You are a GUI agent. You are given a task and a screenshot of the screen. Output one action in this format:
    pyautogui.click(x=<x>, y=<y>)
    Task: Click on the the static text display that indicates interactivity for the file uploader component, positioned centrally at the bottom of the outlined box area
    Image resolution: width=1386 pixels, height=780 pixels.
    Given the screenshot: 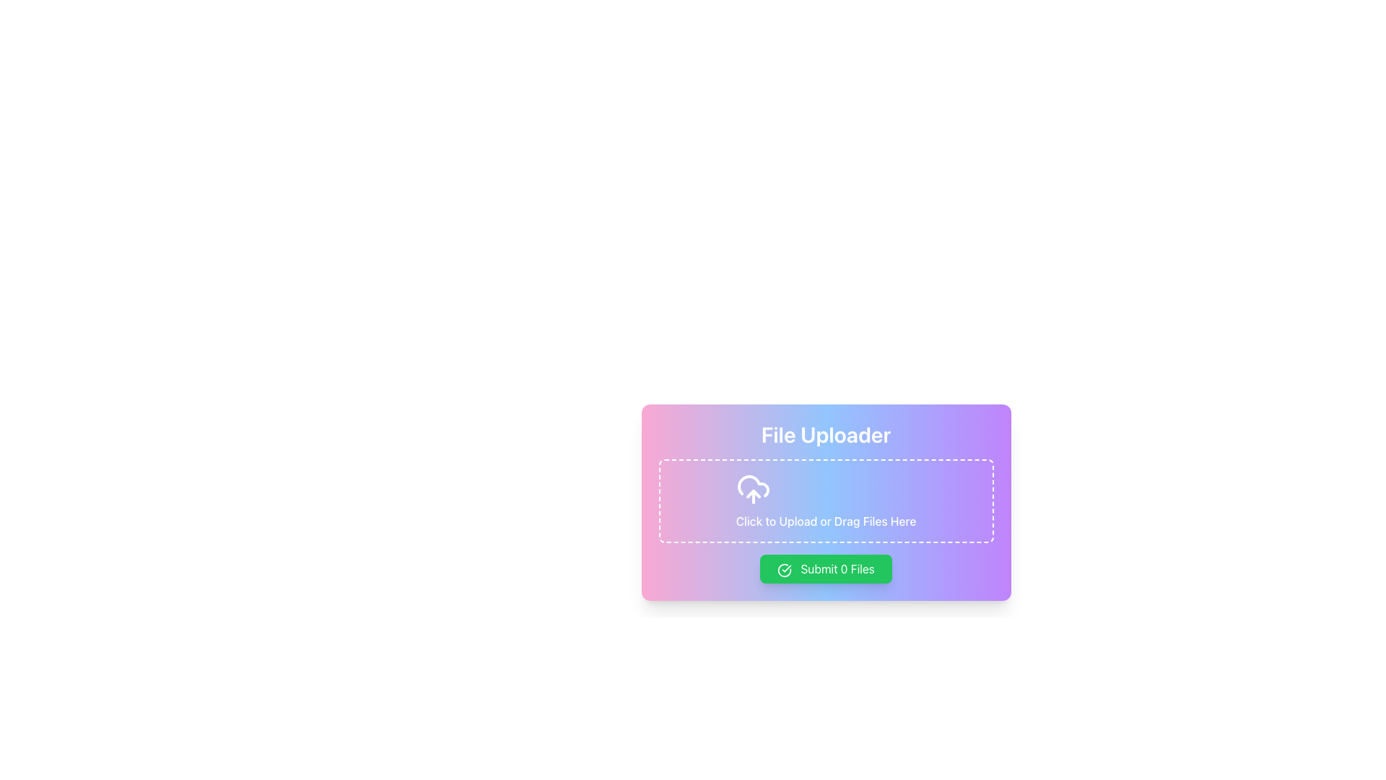 What is the action you would take?
    pyautogui.click(x=826, y=521)
    